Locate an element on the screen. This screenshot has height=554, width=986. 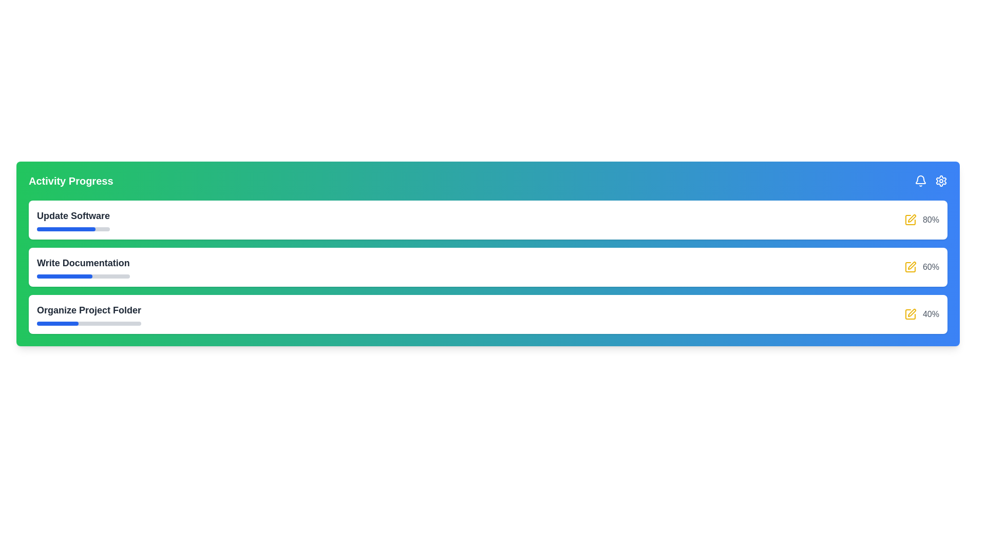
the 'Activity Progress' label, which is styled in a bold, large font and located in the gradient-colored header bar is located at coordinates (70, 181).